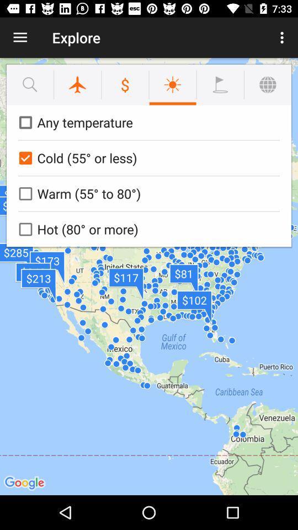  What do you see at coordinates (283, 38) in the screenshot?
I see `the item to the right of the explore item` at bounding box center [283, 38].